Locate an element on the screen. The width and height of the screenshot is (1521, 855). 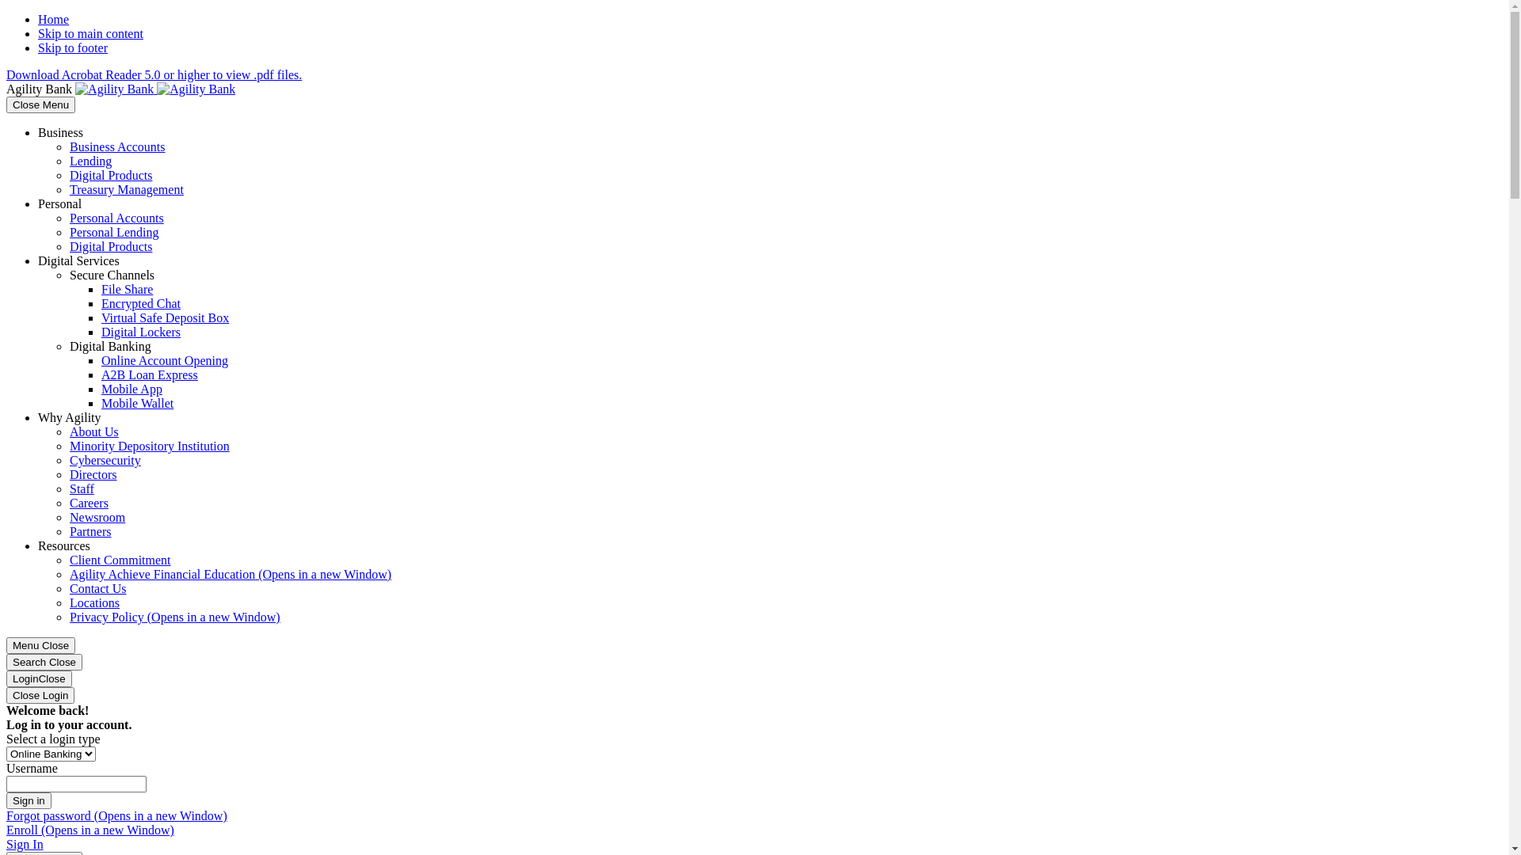
'Skip to footer' is located at coordinates (71, 47).